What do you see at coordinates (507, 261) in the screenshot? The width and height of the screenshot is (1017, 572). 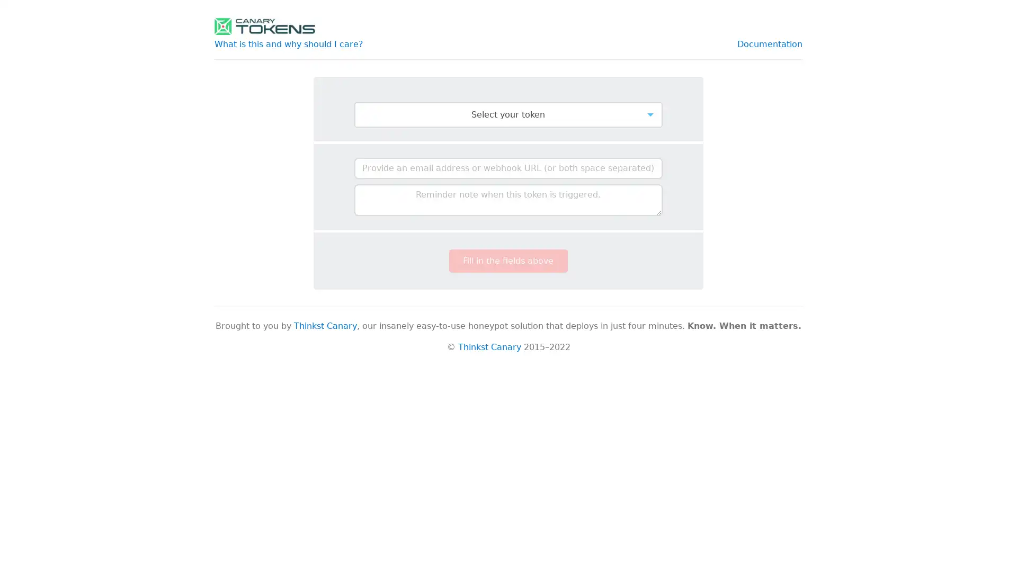 I see `Fill in the fields above` at bounding box center [507, 261].